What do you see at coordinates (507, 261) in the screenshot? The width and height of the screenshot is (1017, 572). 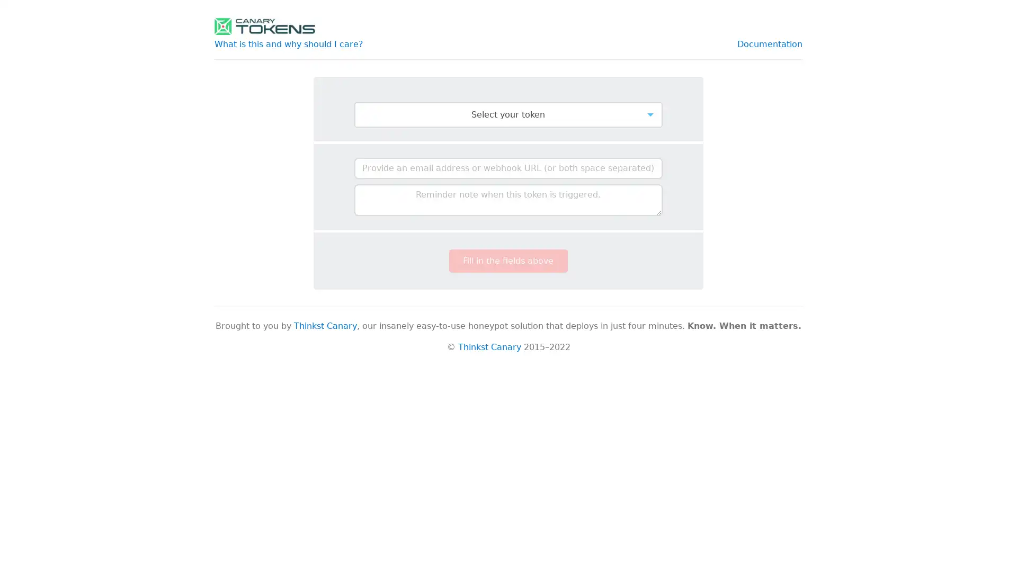 I see `Fill in the fields above` at bounding box center [507, 261].